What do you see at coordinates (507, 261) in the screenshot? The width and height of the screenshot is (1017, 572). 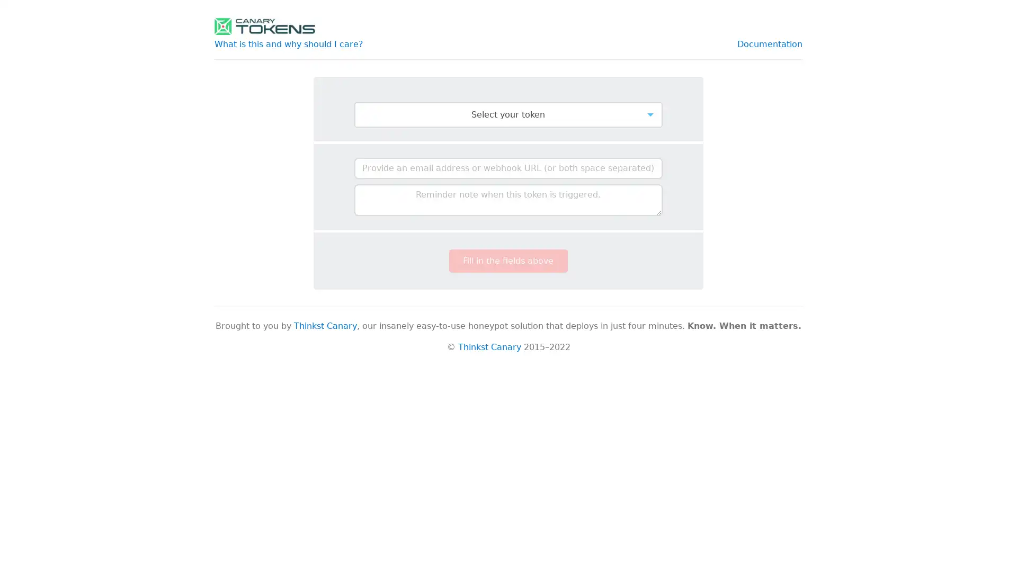 I see `Fill in the fields above` at bounding box center [507, 261].